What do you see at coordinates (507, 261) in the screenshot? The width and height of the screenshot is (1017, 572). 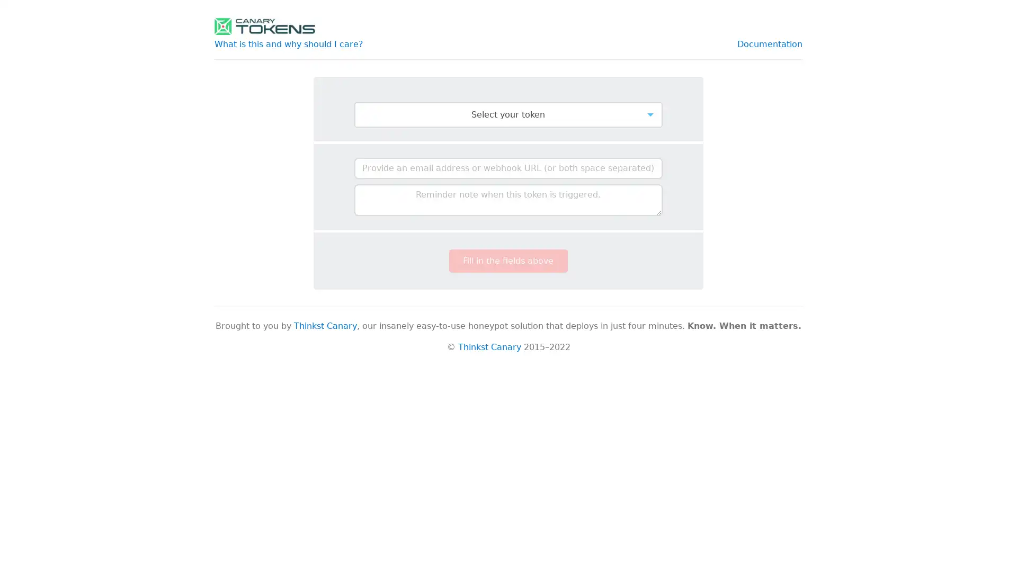 I see `Fill in the fields above` at bounding box center [507, 261].